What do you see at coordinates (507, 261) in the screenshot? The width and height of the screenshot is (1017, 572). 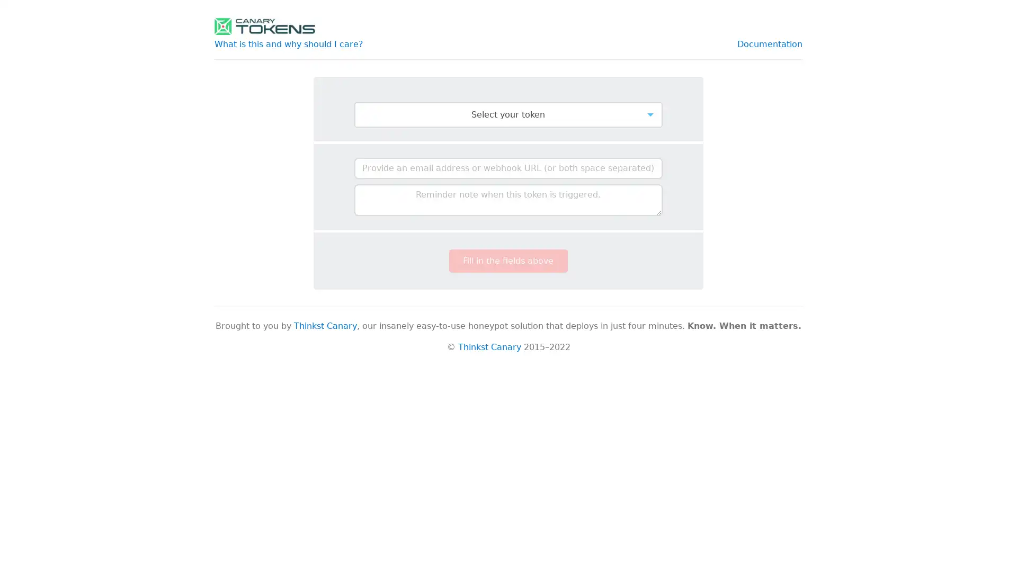 I see `Fill in the fields above` at bounding box center [507, 261].